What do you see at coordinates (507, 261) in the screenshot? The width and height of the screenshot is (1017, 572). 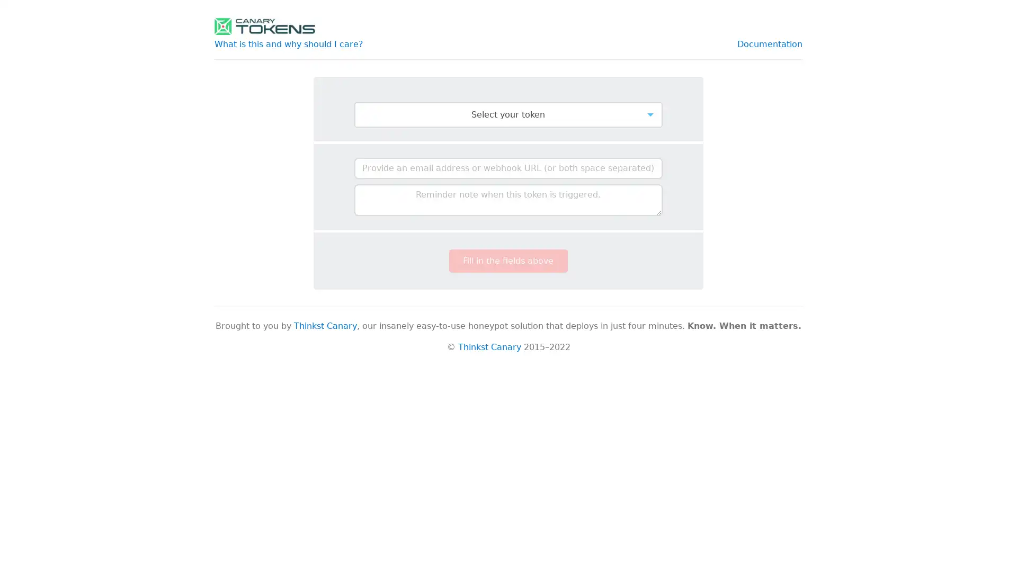 I see `Fill in the fields above` at bounding box center [507, 261].